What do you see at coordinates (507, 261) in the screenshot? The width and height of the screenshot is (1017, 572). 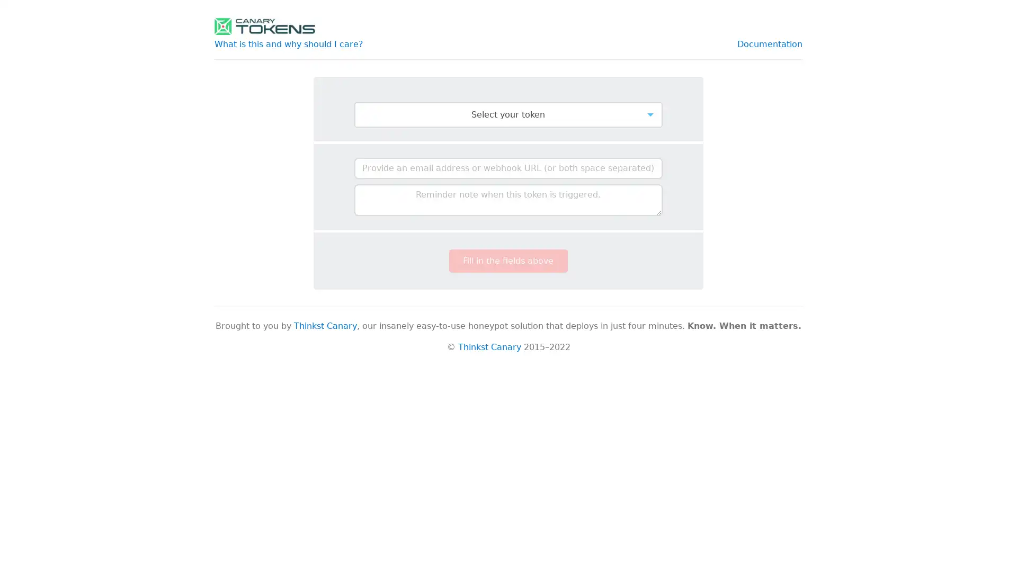 I see `Fill in the fields above` at bounding box center [507, 261].